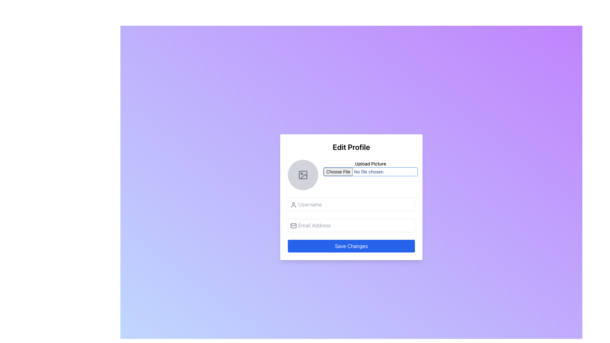 This screenshot has width=610, height=343. What do you see at coordinates (303, 175) in the screenshot?
I see `the profile picture icon, which is centrally located within a circular area in the 'Upload Picture' section, above the file selection input field` at bounding box center [303, 175].